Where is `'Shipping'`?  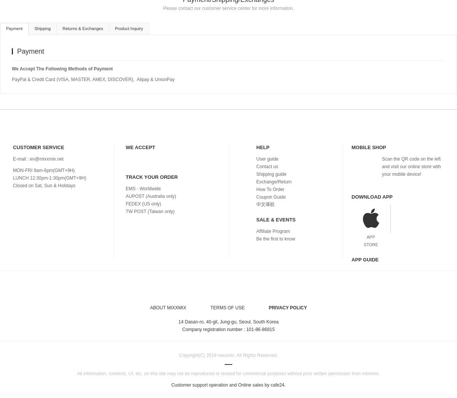 'Shipping' is located at coordinates (42, 28).